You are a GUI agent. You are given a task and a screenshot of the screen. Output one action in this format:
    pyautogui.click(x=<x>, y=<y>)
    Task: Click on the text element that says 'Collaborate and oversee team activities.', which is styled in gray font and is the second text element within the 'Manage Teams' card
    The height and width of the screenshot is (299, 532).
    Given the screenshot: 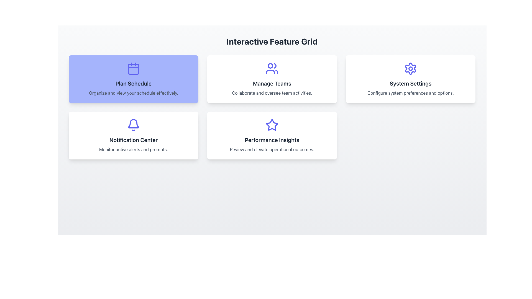 What is the action you would take?
    pyautogui.click(x=272, y=92)
    